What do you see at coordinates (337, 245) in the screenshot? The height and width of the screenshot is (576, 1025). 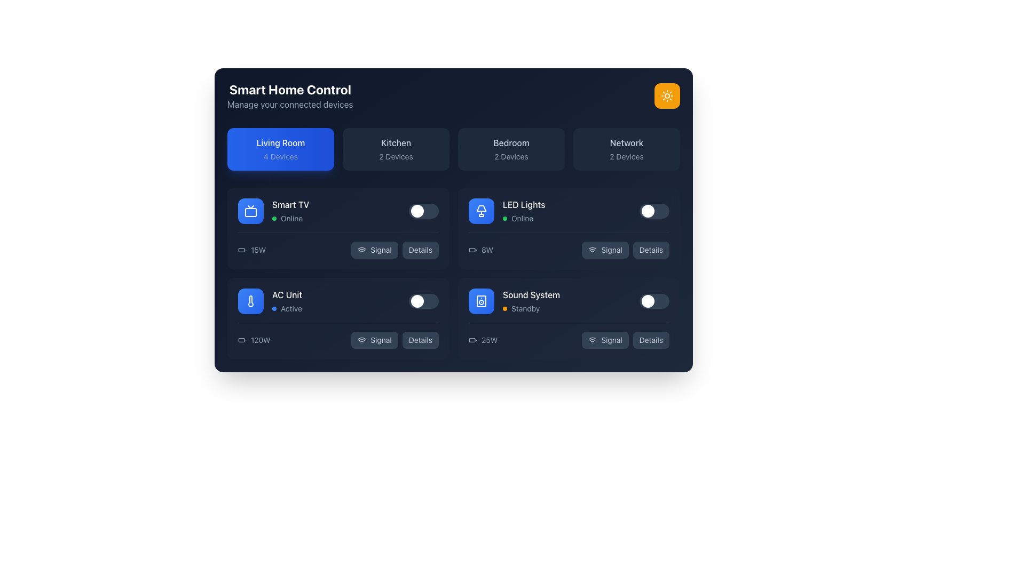 I see `the interactive block displaying the 15W power indicator and control buttons labeled 'Signal' and 'Details' in the lower section of the 'Smart TV' block in the 'Living Room' sub-section` at bounding box center [337, 245].